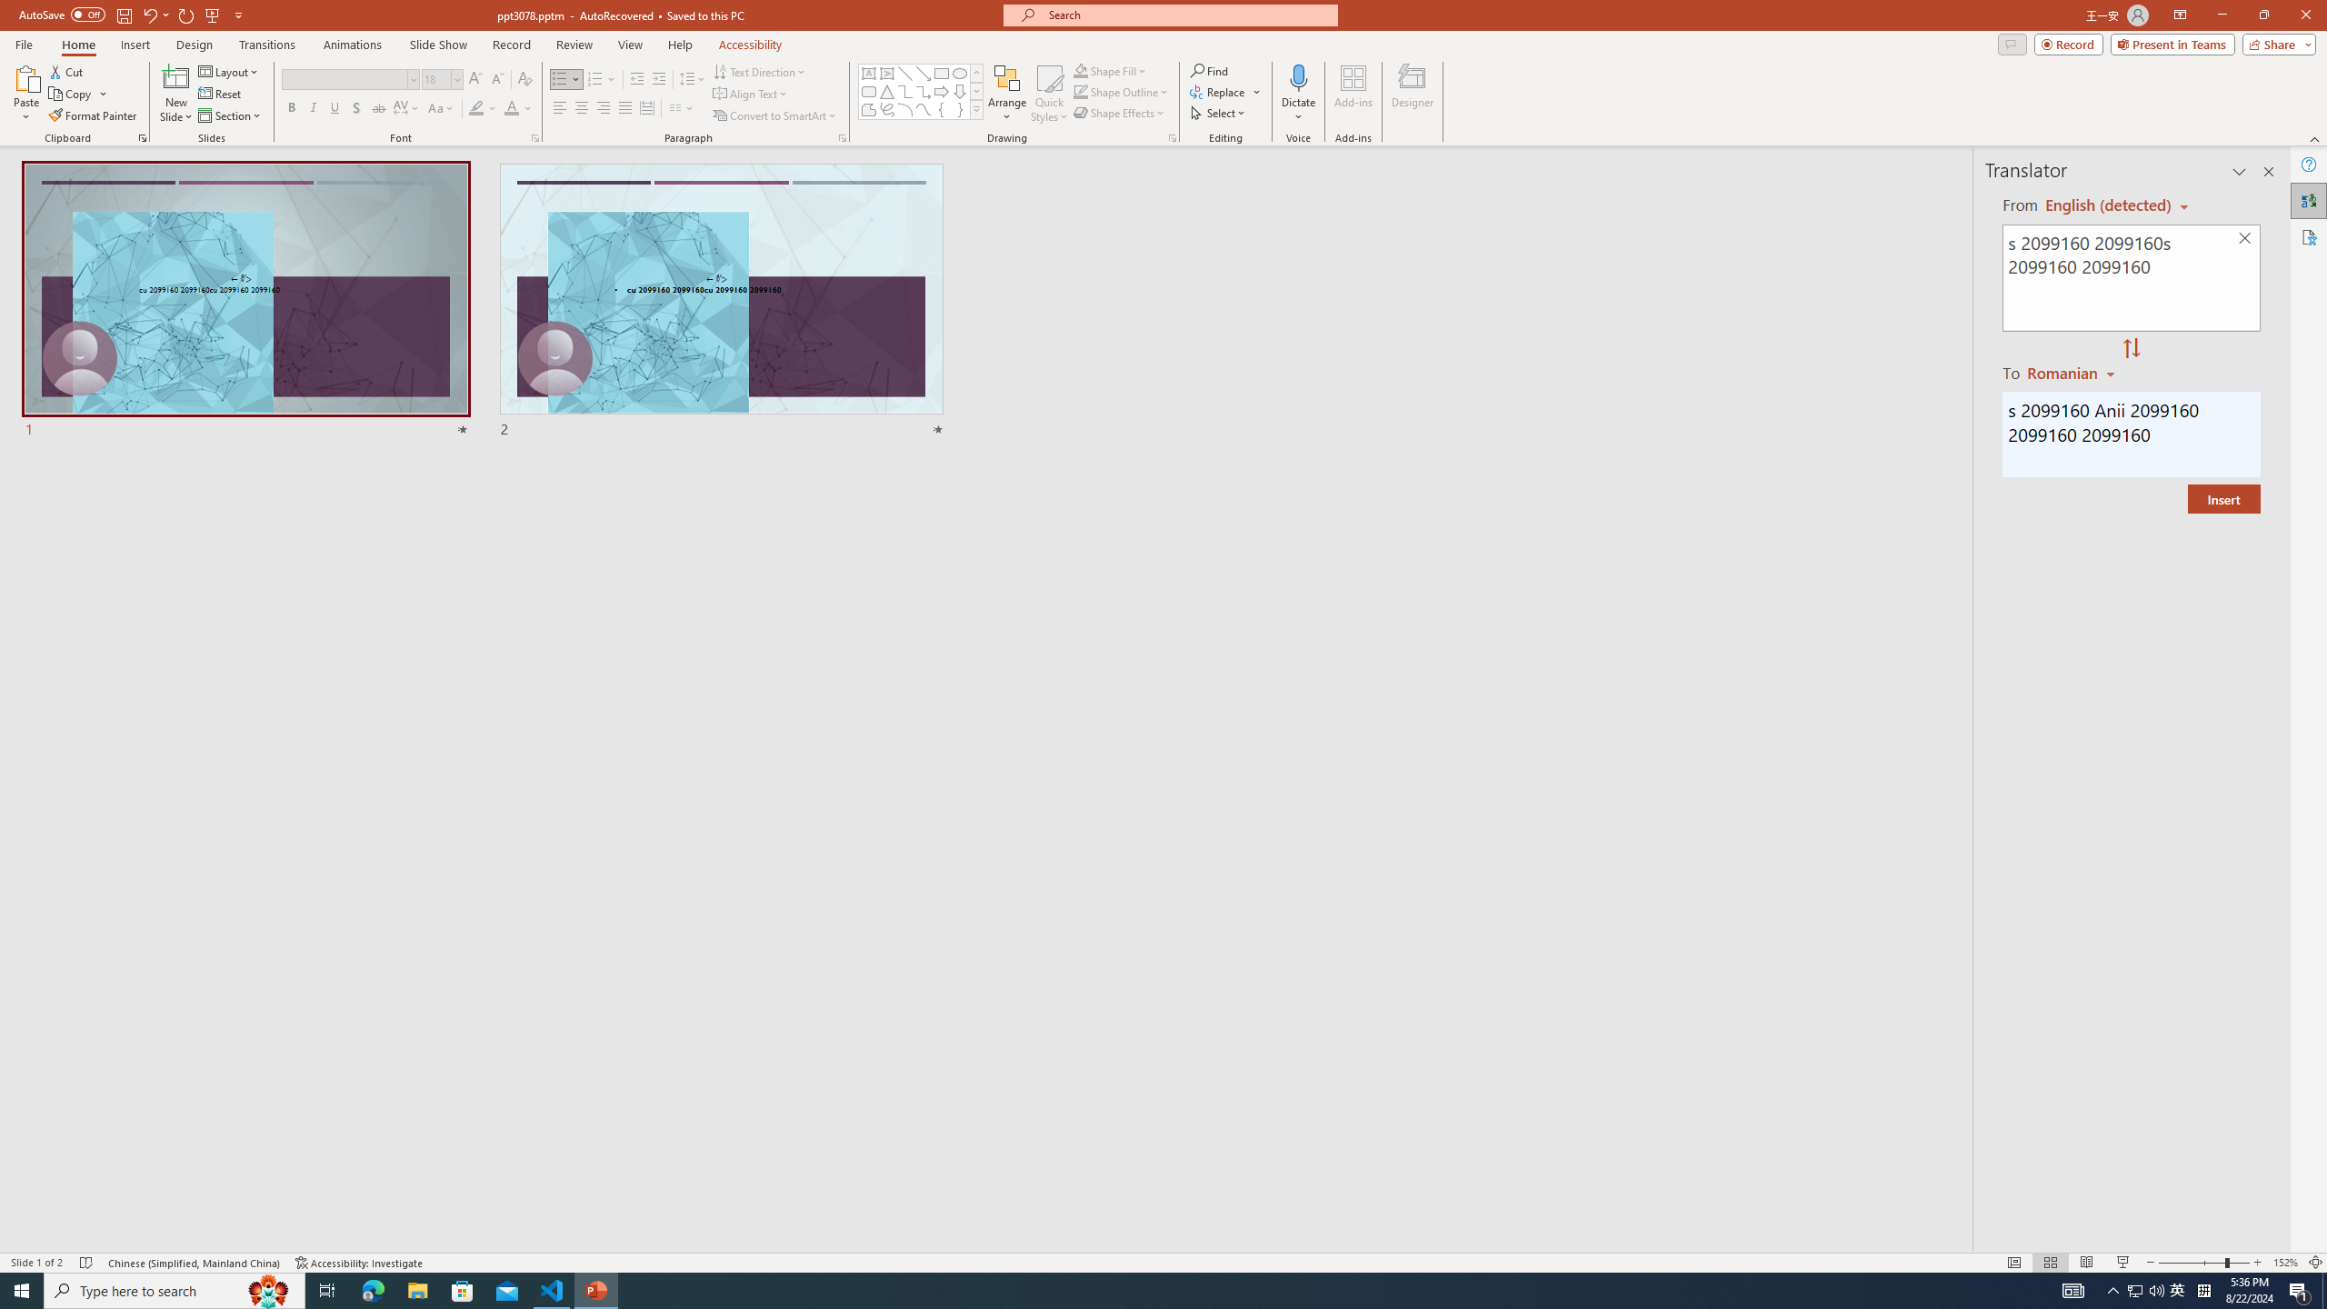  I want to click on 'Translator', so click(2308, 201).